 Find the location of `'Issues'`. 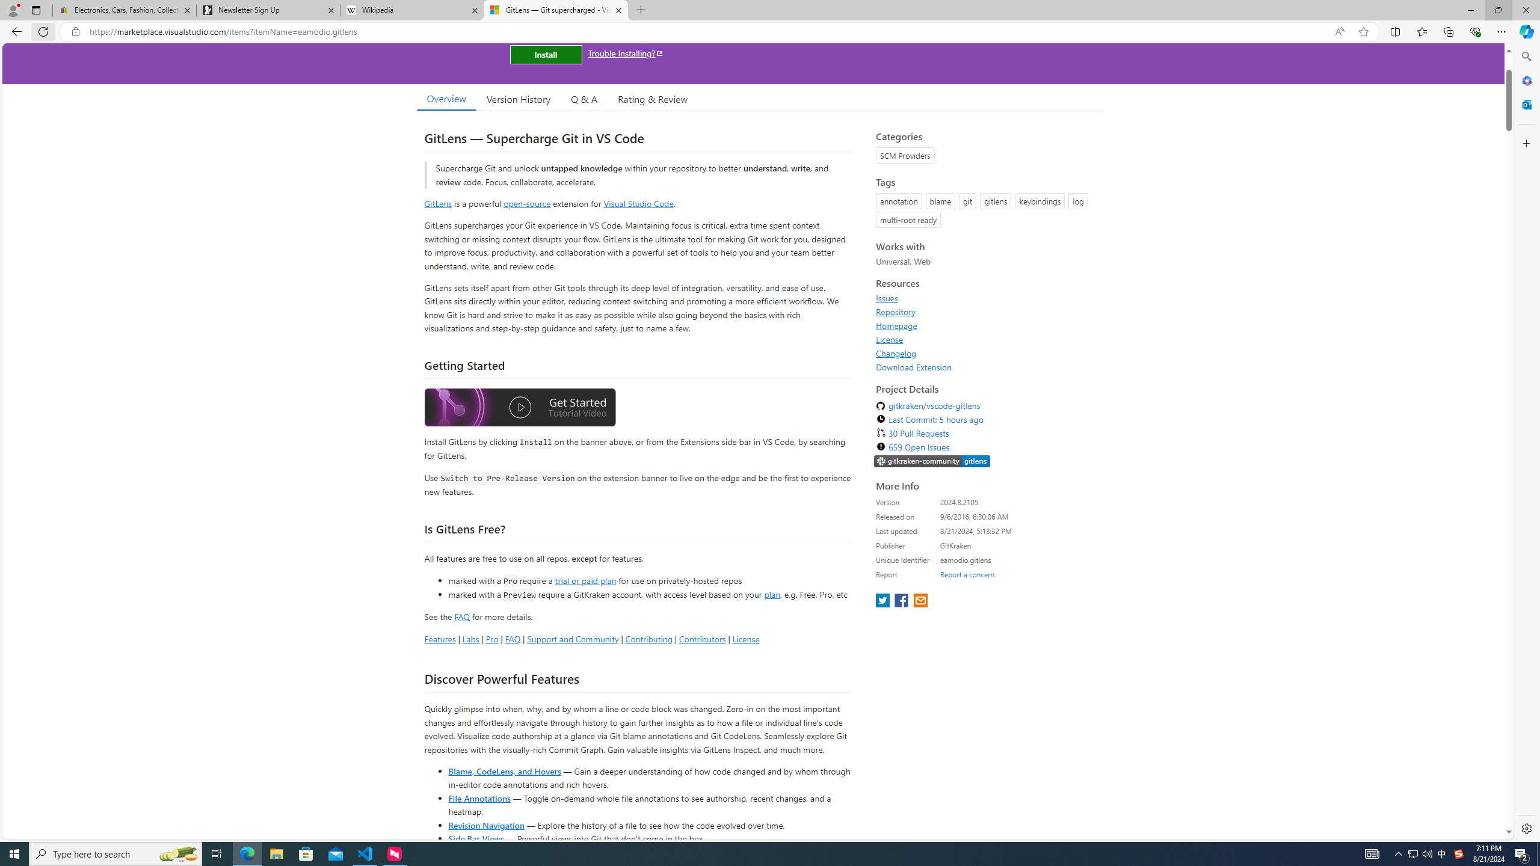

'Issues' is located at coordinates (985, 298).